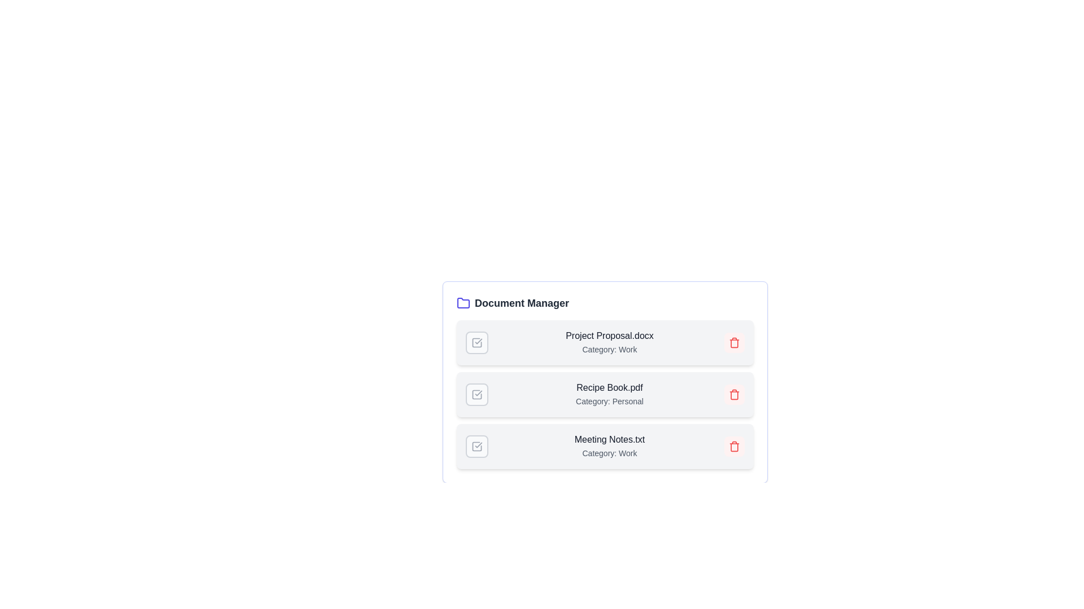 This screenshot has width=1084, height=609. I want to click on the label that identifies the document named 'Recipe Book.pdf' within the 'Document Manager' component, located in the second row, so click(609, 387).